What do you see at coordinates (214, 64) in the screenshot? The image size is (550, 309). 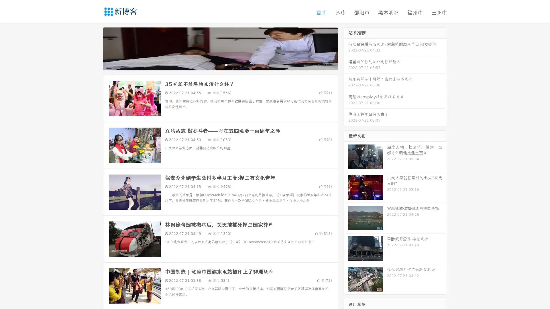 I see `Go to slide 1` at bounding box center [214, 64].